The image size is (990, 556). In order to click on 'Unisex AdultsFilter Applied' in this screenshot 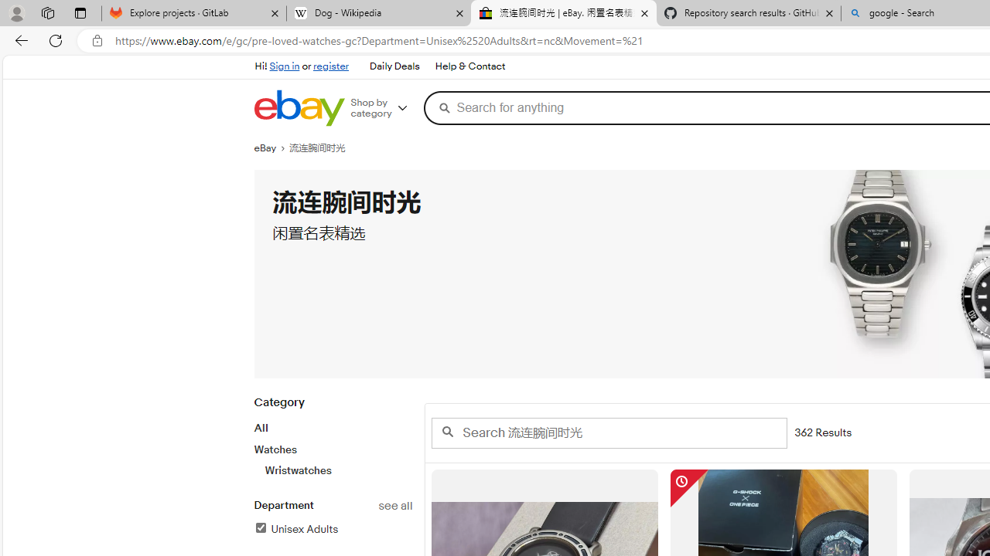, I will do `click(332, 529)`.